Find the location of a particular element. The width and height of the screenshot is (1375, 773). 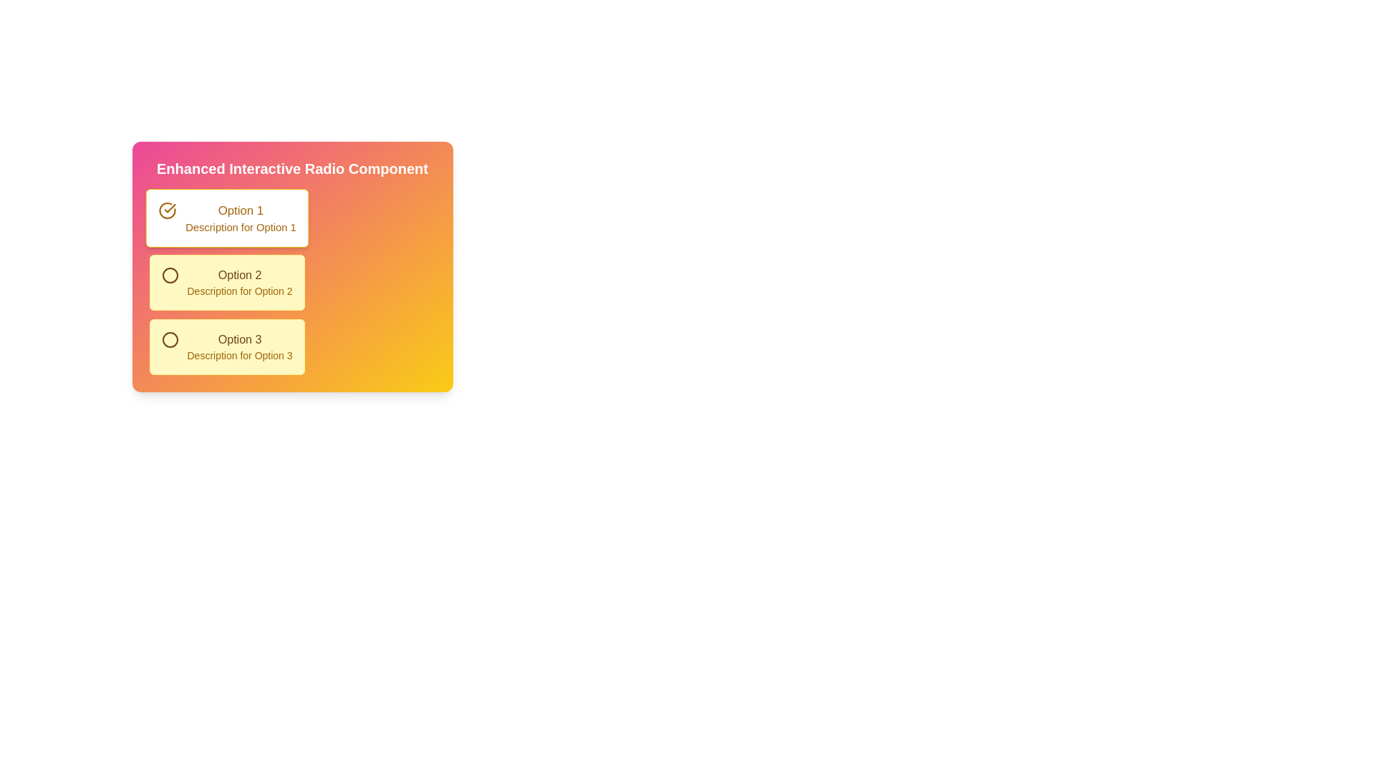

the second selectable card option in the group of radio buttons is located at coordinates (226, 282).